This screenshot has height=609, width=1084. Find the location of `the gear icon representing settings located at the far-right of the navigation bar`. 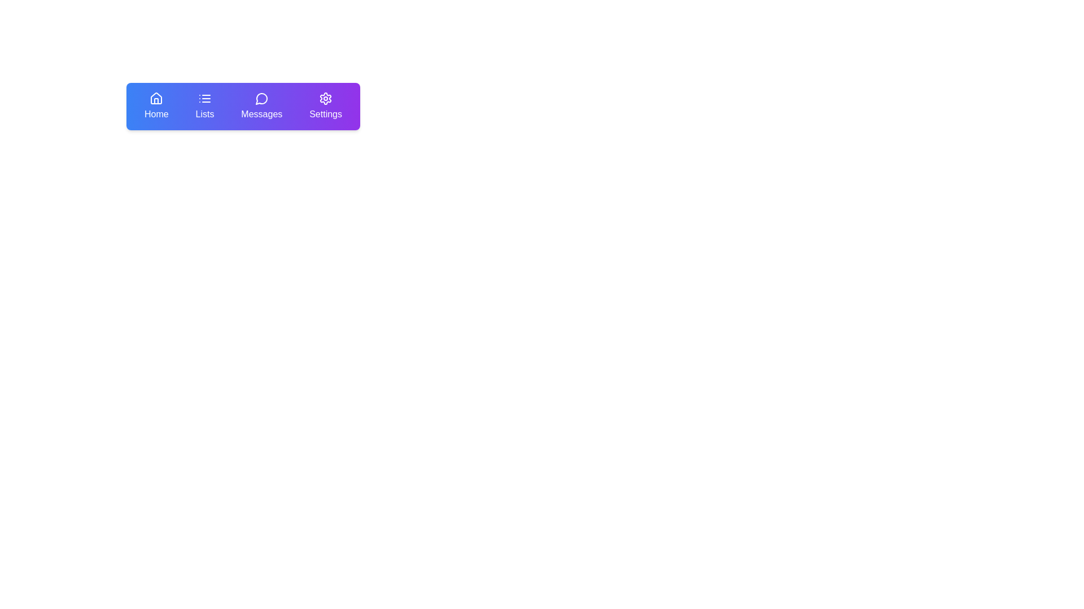

the gear icon representing settings located at the far-right of the navigation bar is located at coordinates (325, 98).